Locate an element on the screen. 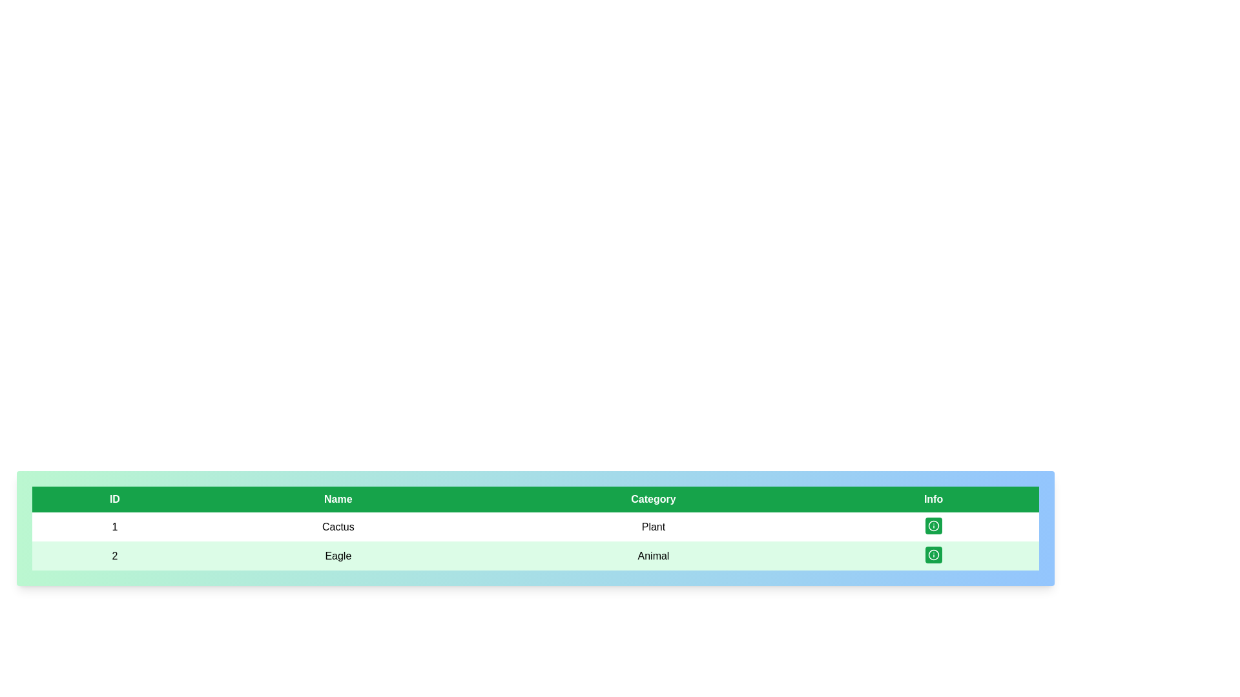 The width and height of the screenshot is (1240, 697). the information button in the last column of the second row for the entity 'Eagle' is located at coordinates (933, 555).